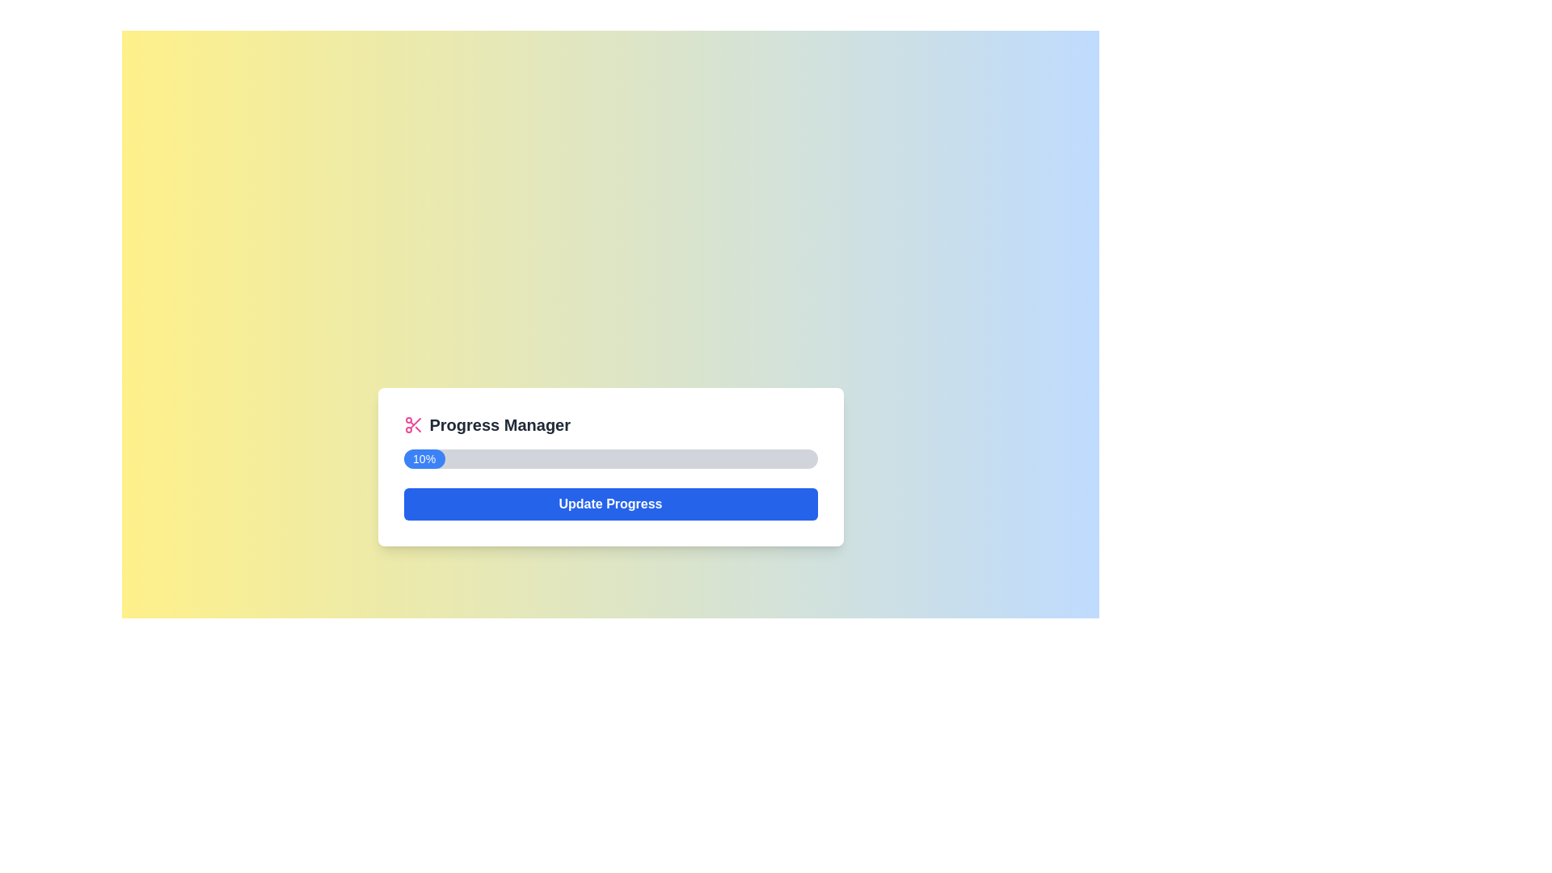  What do you see at coordinates (413, 424) in the screenshot?
I see `the vivid pink scissors icon located to the left of the 'Progress Manager' text in the header` at bounding box center [413, 424].